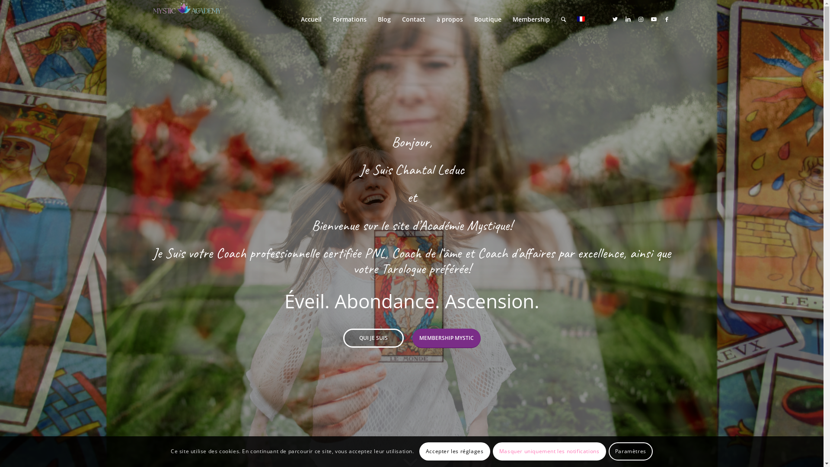 This screenshot has height=467, width=830. Describe the element at coordinates (614, 19) in the screenshot. I see `'Twitter'` at that location.